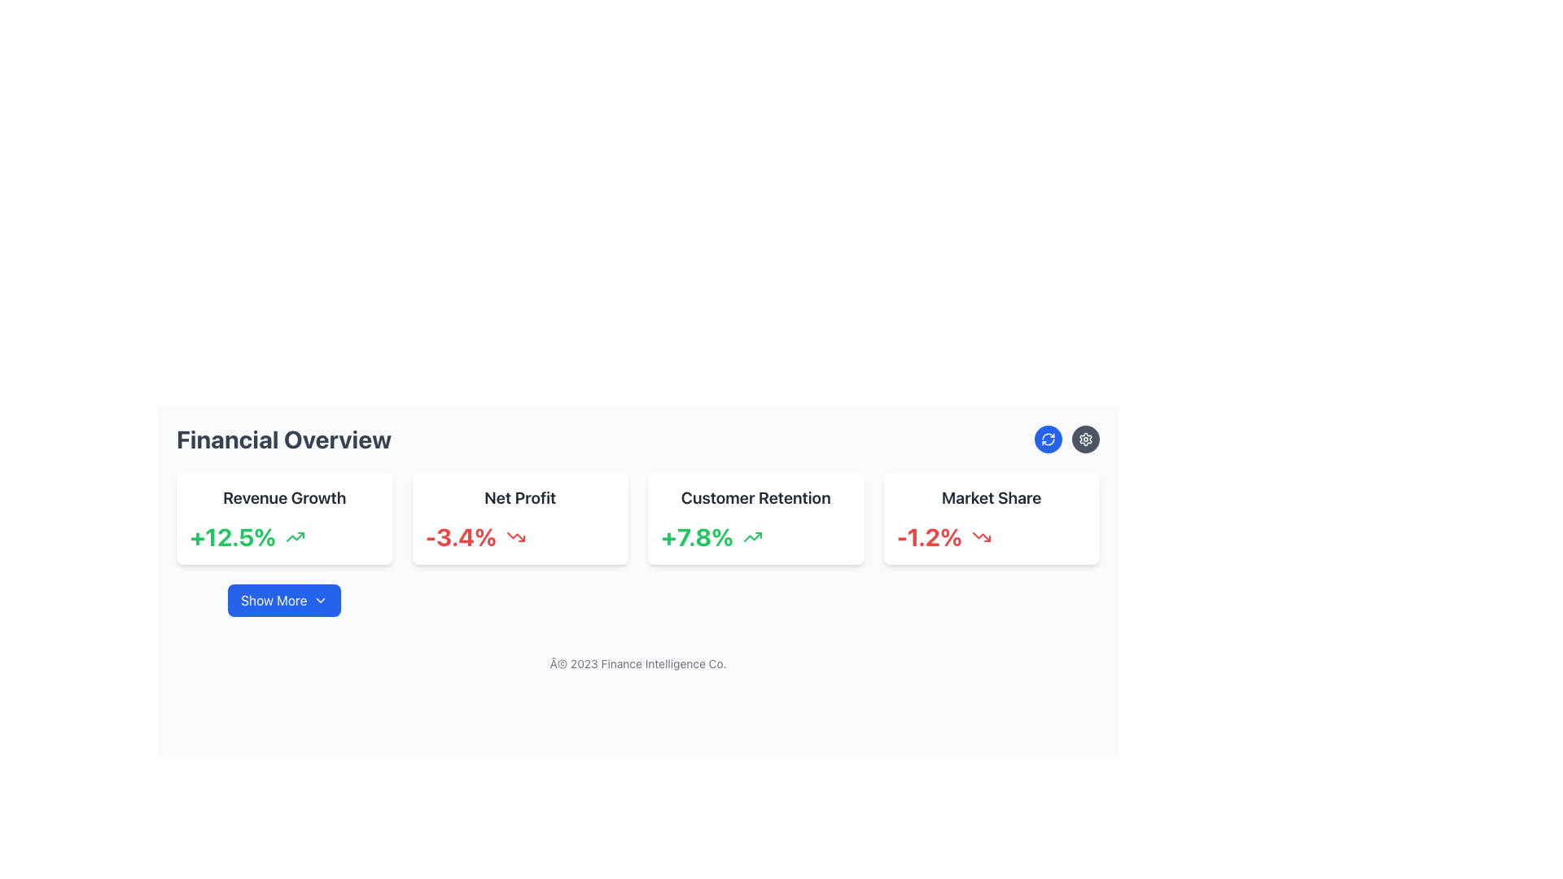  I want to click on the circular blue button with a white refresh icon located in the top-right corner of the interface to initiate a hover state, so click(1048, 439).